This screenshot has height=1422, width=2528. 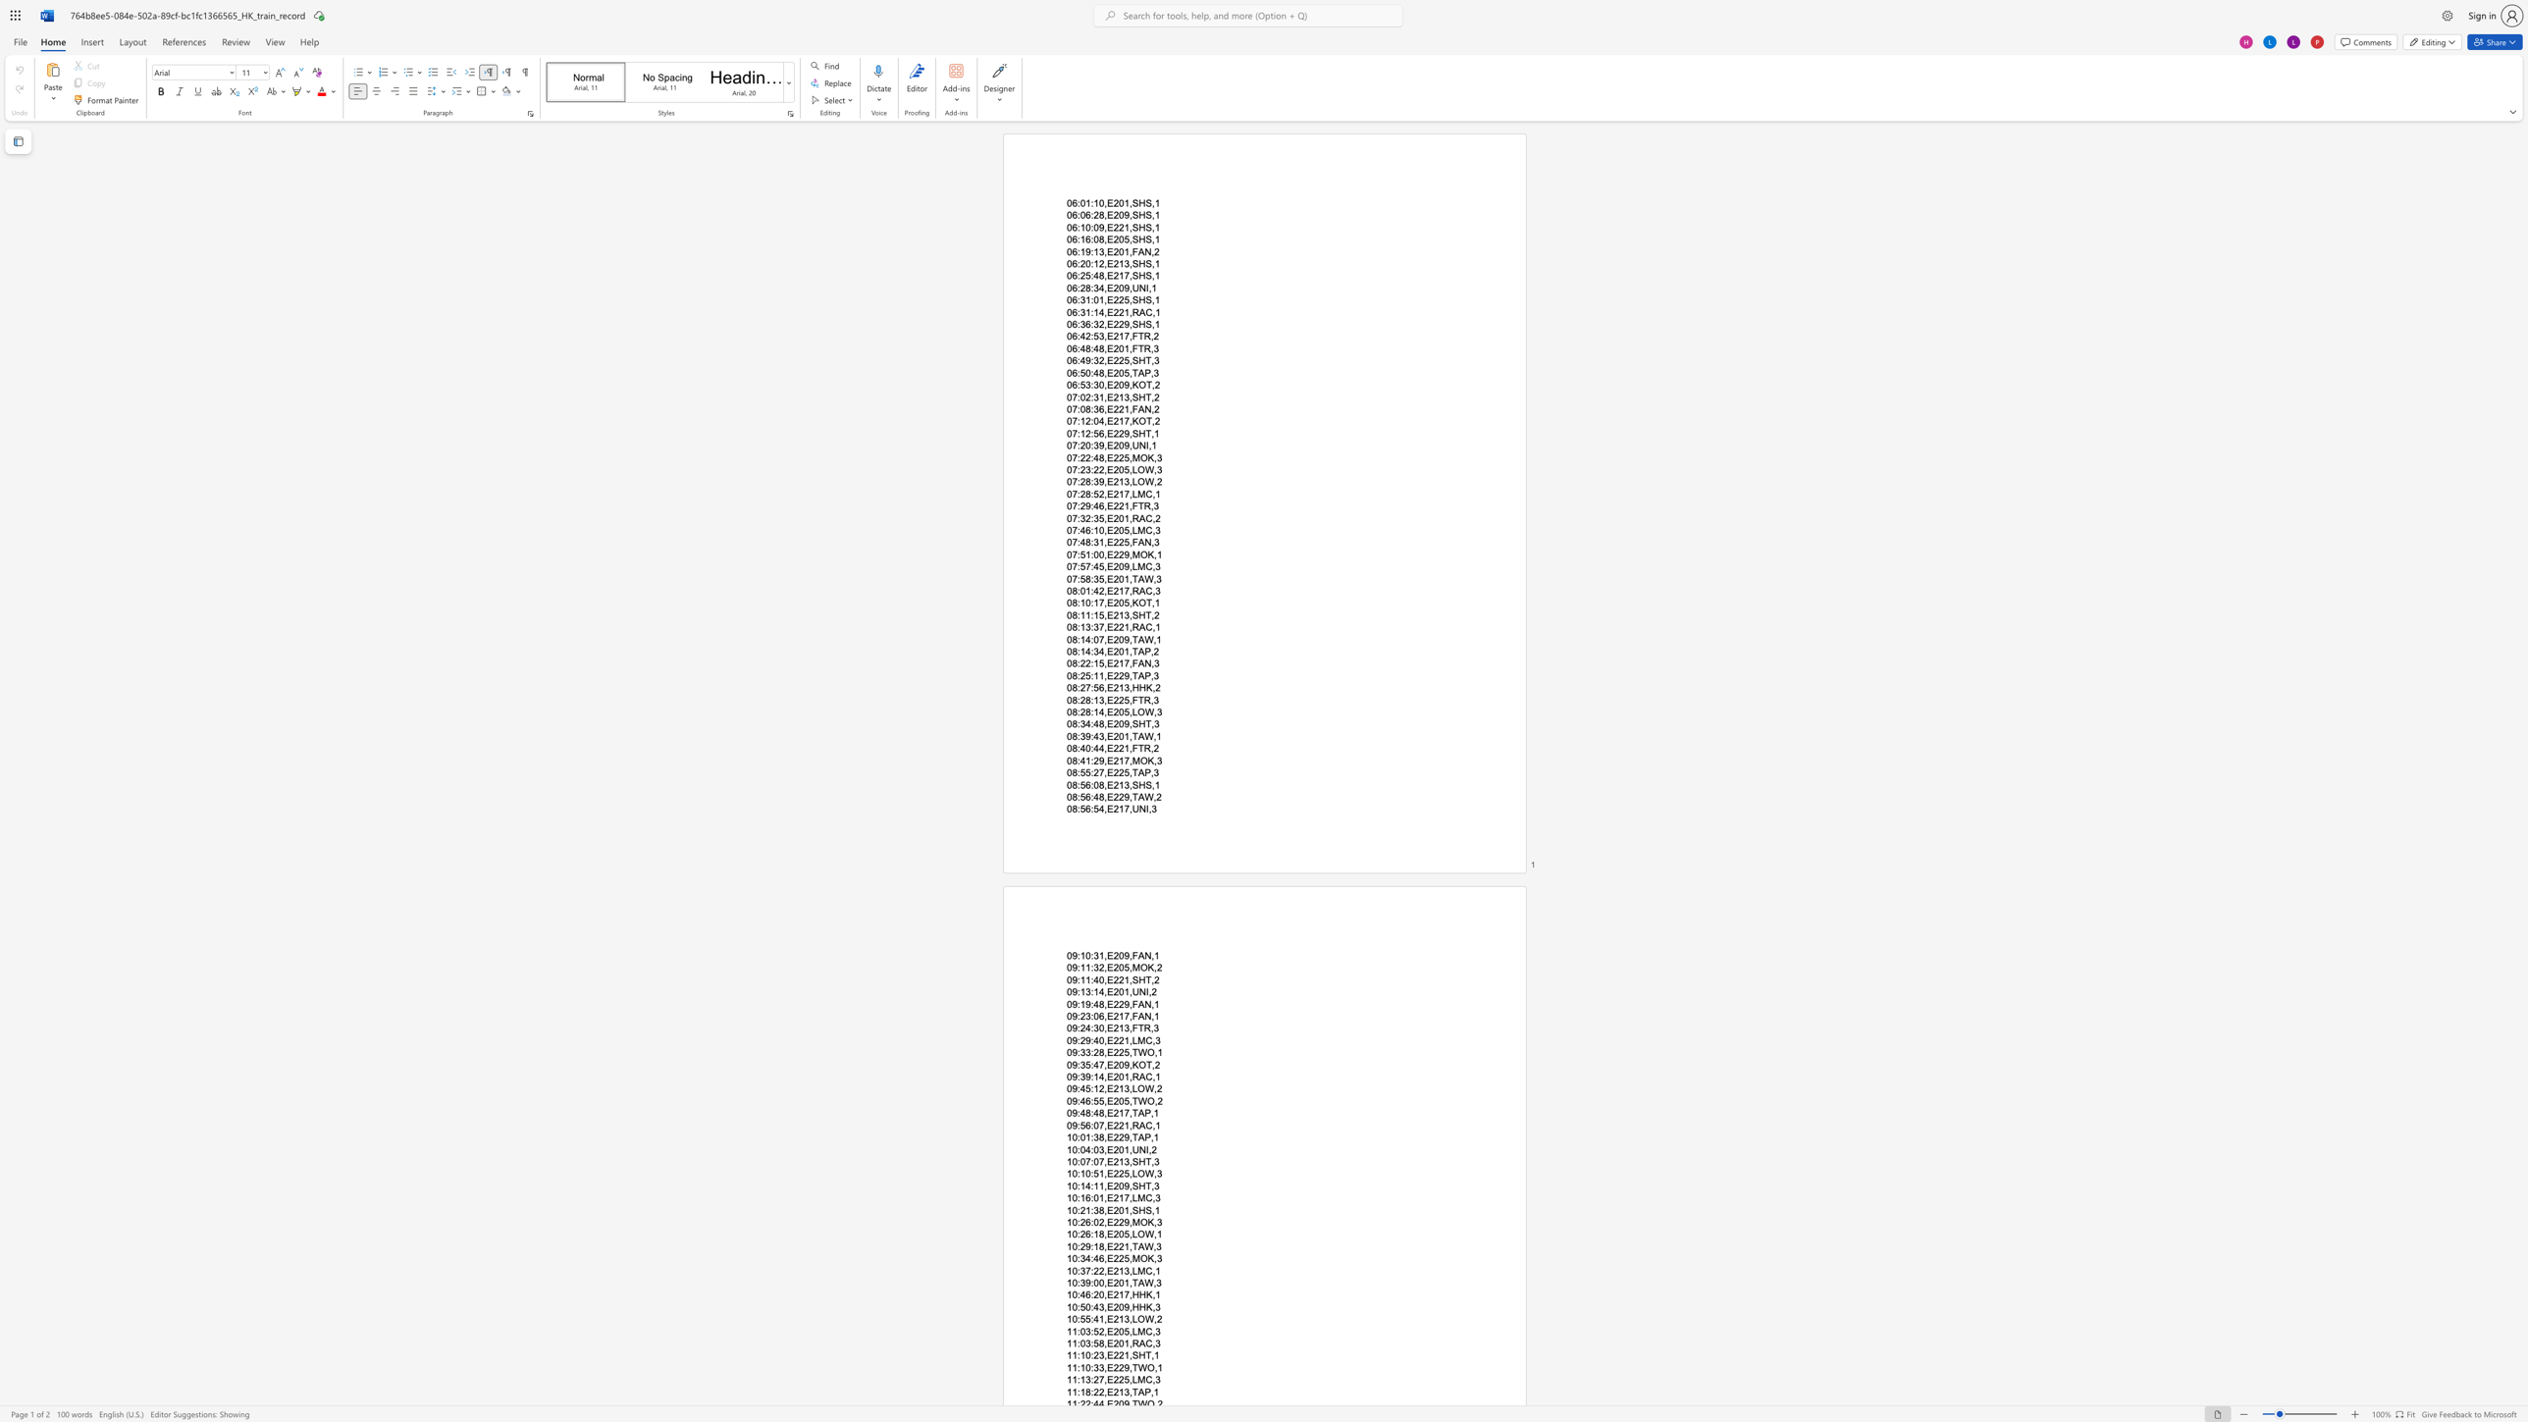 What do you see at coordinates (1090, 663) in the screenshot?
I see `the subset text ":15,E2" within the text "08:22:15,E217,FAN,3"` at bounding box center [1090, 663].